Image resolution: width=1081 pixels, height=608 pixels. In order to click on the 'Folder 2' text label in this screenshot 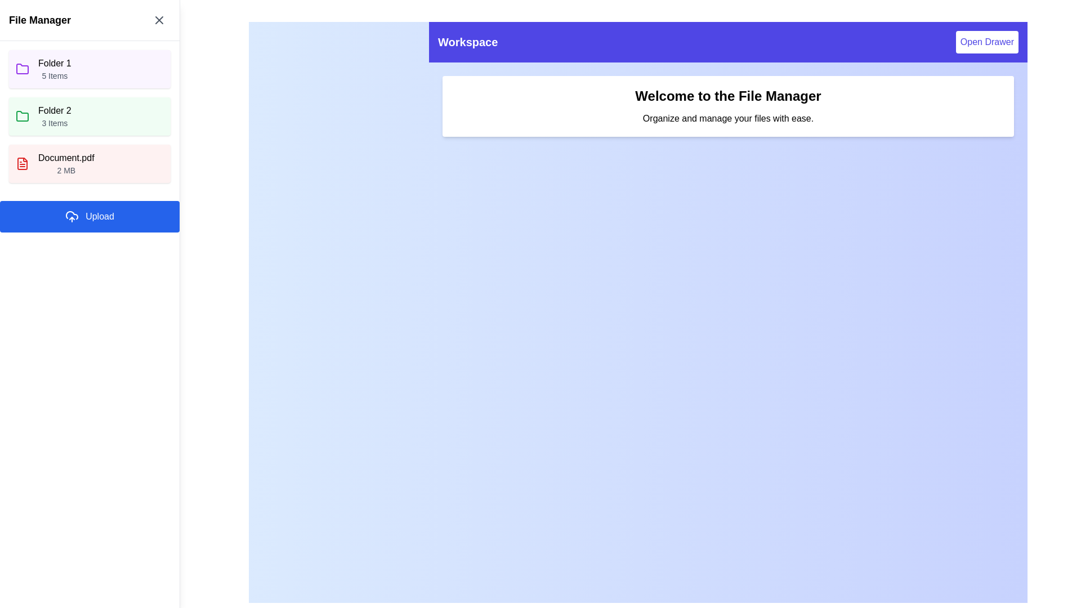, I will do `click(53, 110)`.